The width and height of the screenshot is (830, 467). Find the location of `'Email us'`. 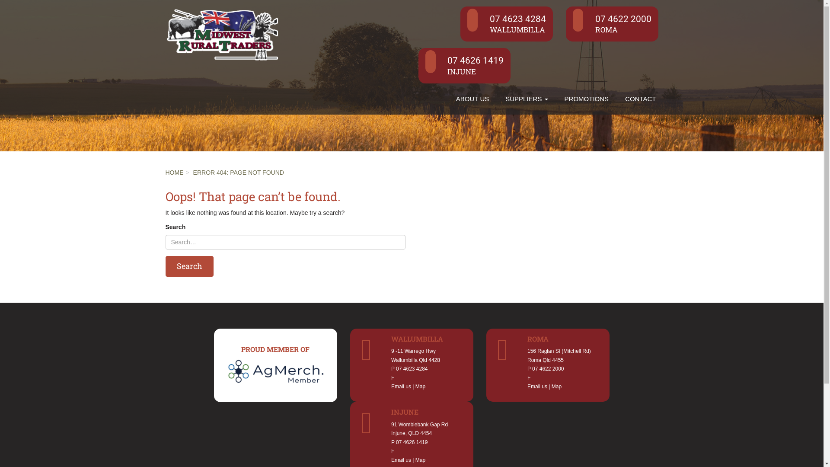

'Email us' is located at coordinates (391, 386).